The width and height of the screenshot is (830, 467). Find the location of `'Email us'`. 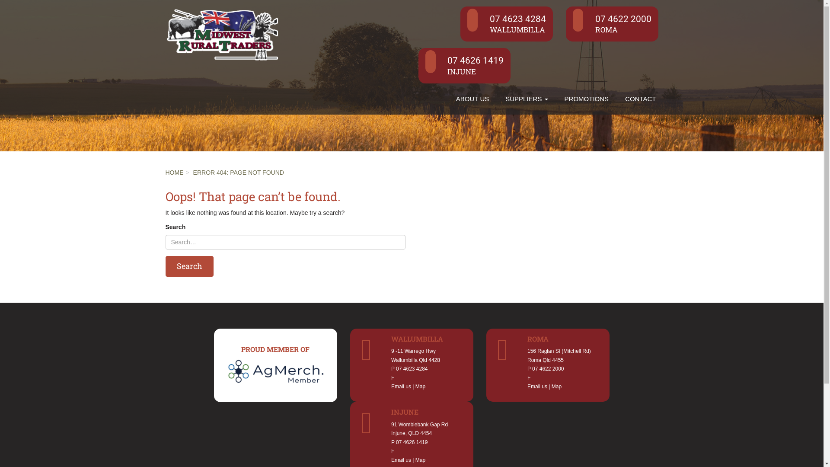

'Email us' is located at coordinates (391, 386).